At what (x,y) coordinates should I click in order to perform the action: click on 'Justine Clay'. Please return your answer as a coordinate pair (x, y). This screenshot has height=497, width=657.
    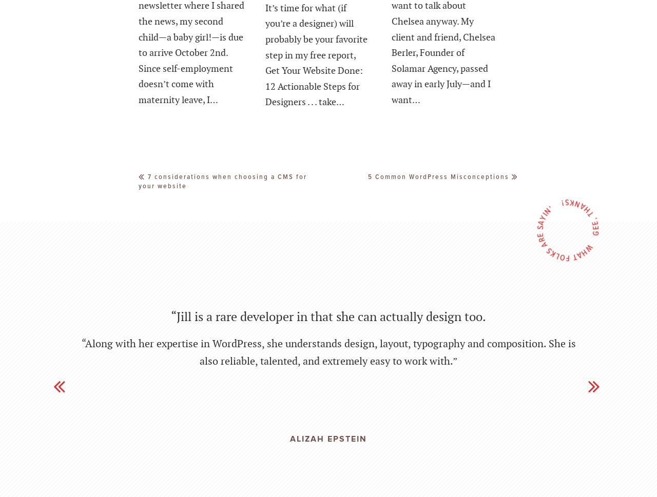
    Looking at the image, I should click on (327, 450).